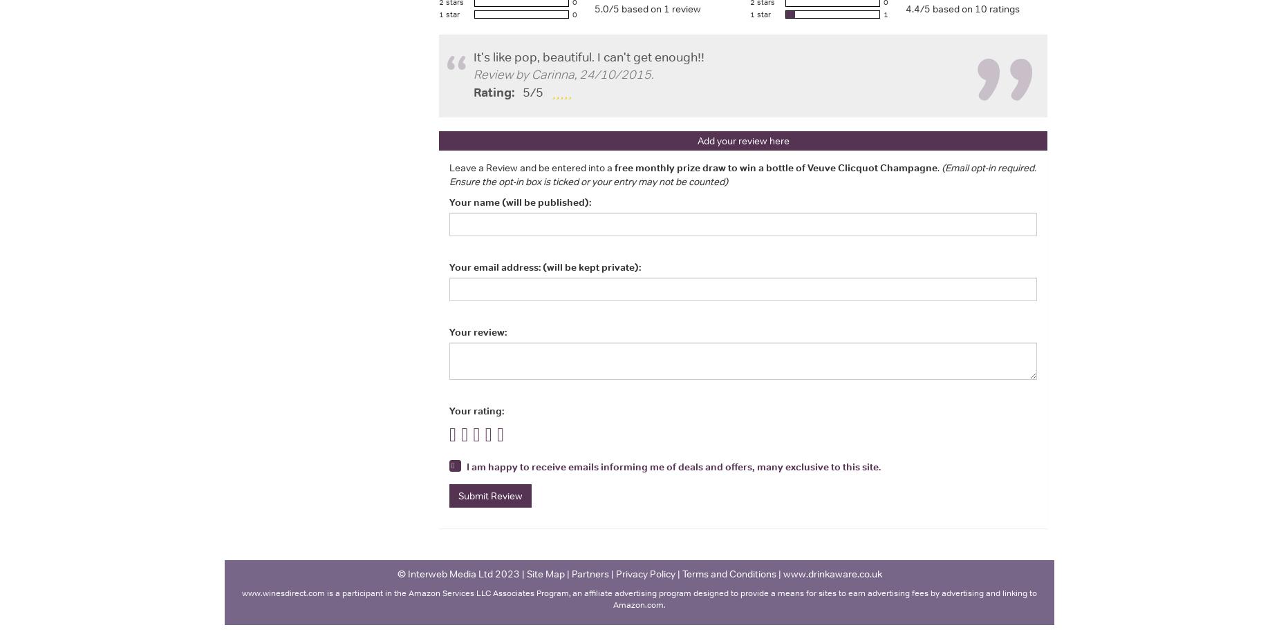 The height and width of the screenshot is (632, 1279). I want to click on '© Interweb Media Ltd 2023 |', so click(461, 574).